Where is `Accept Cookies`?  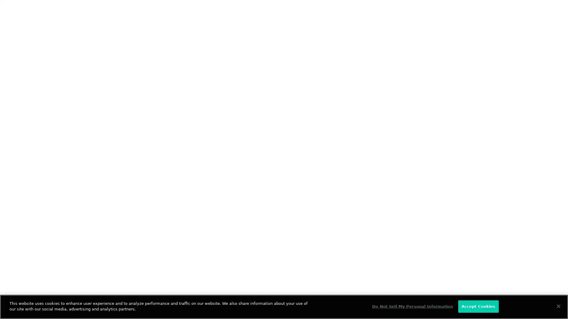 Accept Cookies is located at coordinates (478, 306).